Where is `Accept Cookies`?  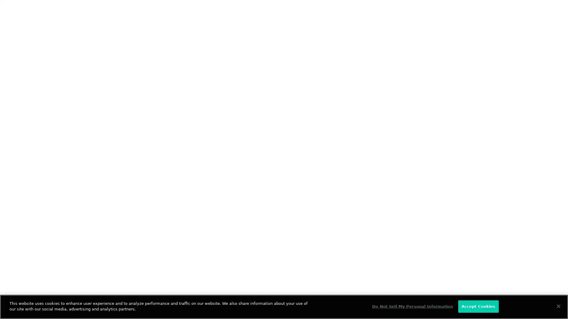 Accept Cookies is located at coordinates (478, 306).